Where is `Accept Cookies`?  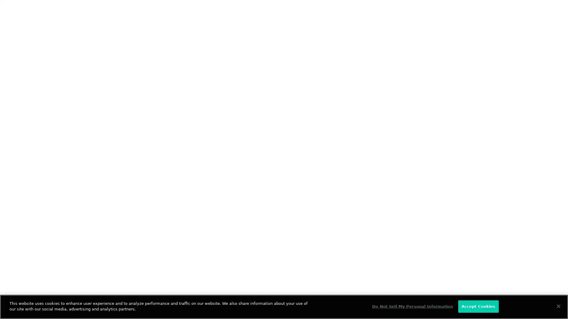 Accept Cookies is located at coordinates (478, 306).